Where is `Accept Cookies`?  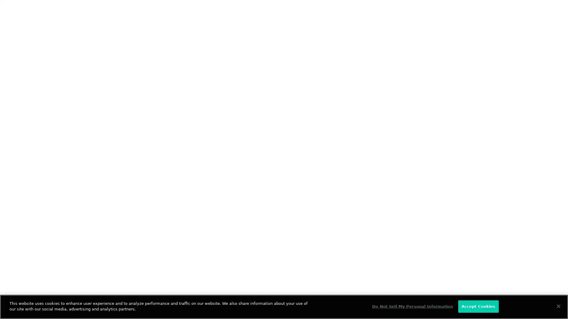 Accept Cookies is located at coordinates (478, 306).